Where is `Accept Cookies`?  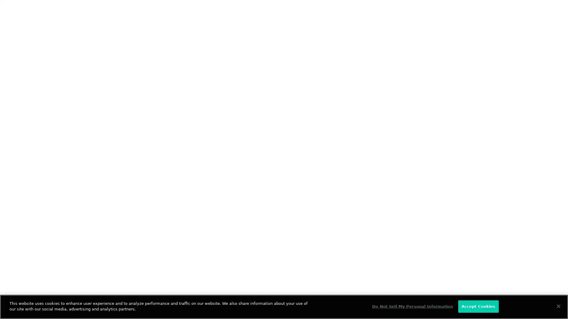 Accept Cookies is located at coordinates (478, 306).